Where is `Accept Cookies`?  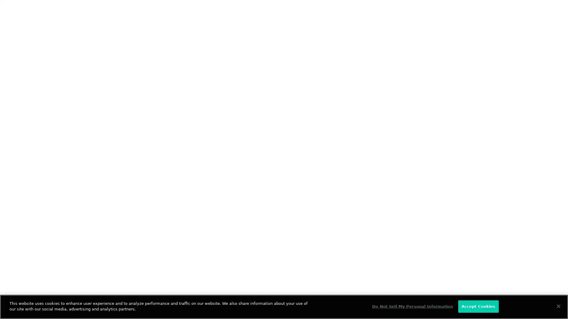 Accept Cookies is located at coordinates (478, 306).